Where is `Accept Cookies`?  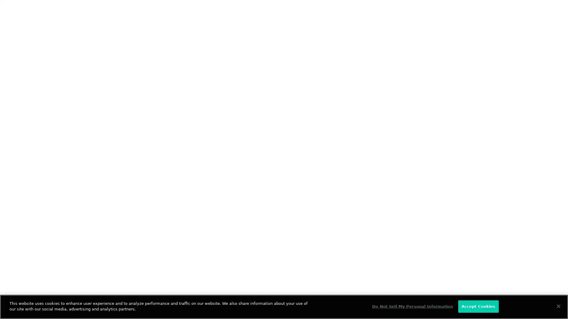 Accept Cookies is located at coordinates (478, 306).